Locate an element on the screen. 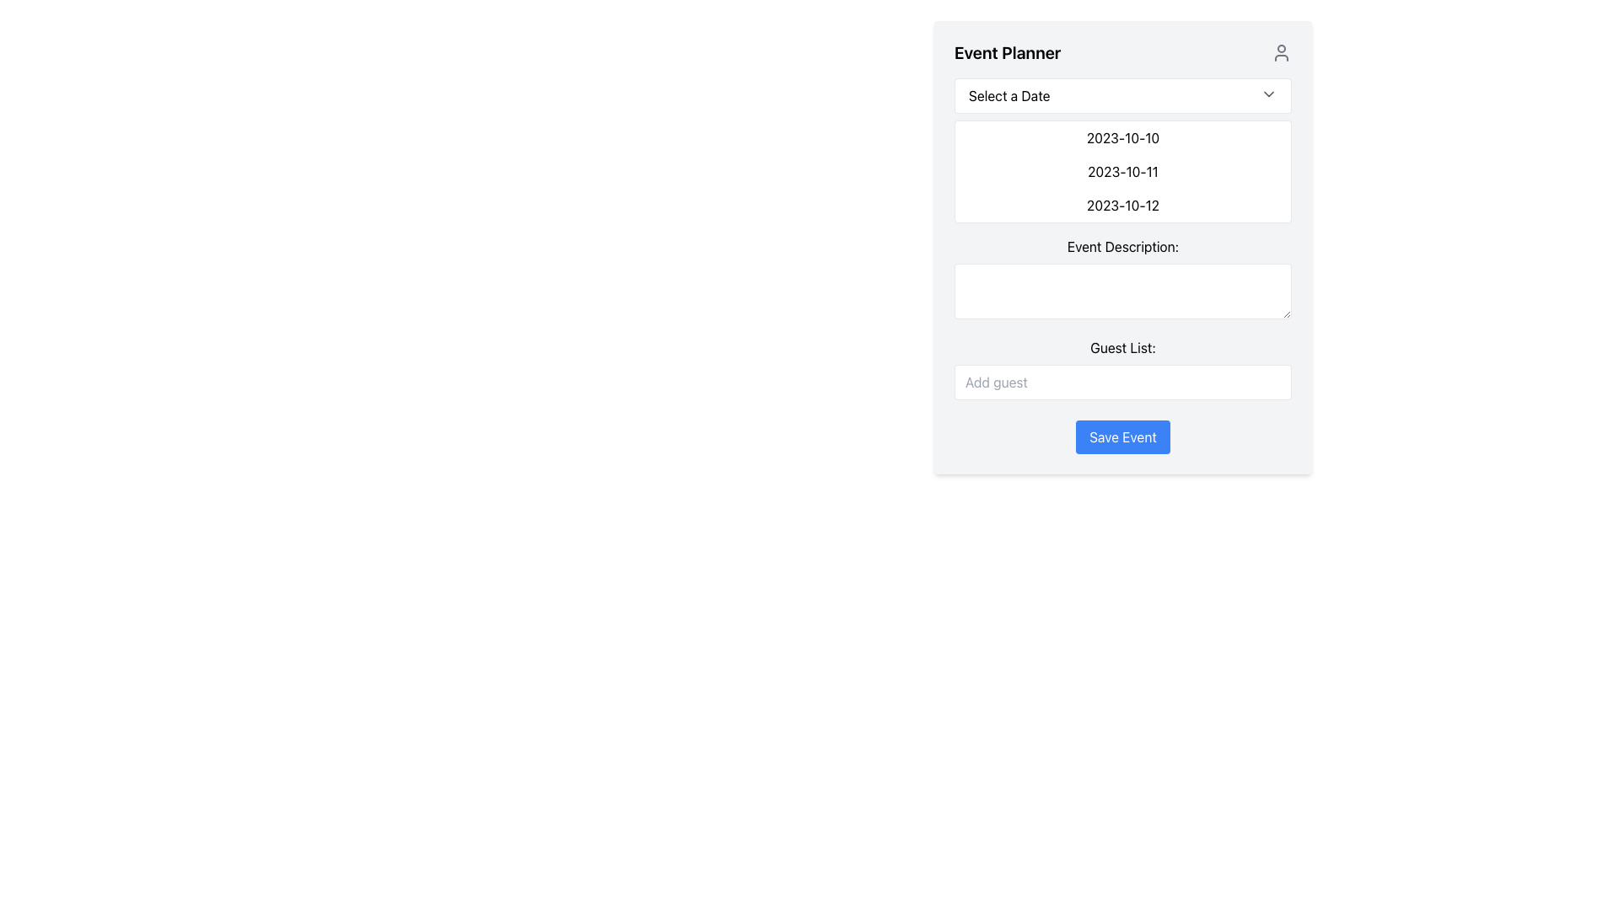 The image size is (1619, 910). the dropdown selection list containing the dates '2023-10-10', '2023-10-11', and '2023-10-12' is located at coordinates (1122, 172).